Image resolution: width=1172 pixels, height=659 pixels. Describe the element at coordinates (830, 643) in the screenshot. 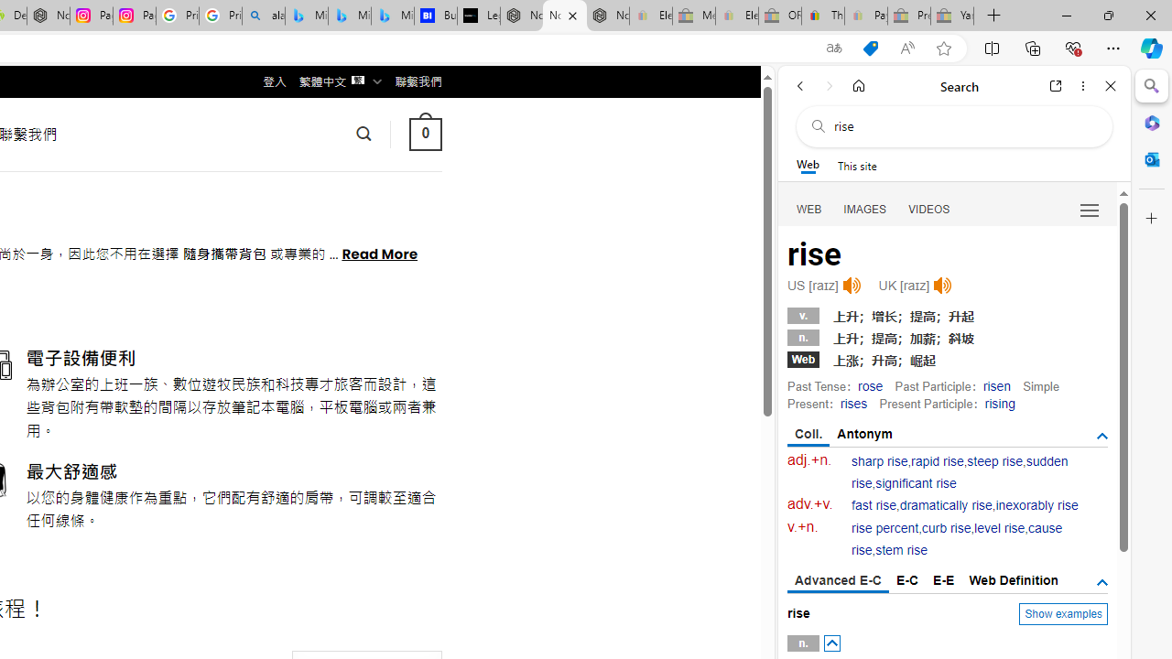

I see `'AutomationID: posbtn_0'` at that location.